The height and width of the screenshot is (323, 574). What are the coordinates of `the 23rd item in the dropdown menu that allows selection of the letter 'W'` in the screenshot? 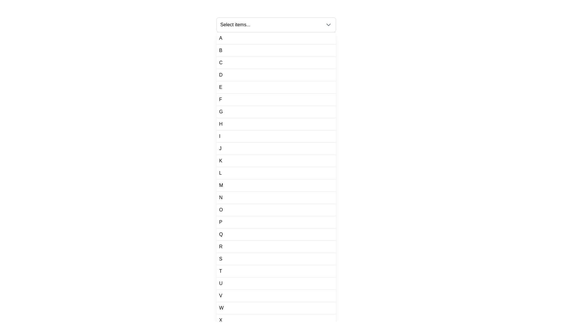 It's located at (276, 308).